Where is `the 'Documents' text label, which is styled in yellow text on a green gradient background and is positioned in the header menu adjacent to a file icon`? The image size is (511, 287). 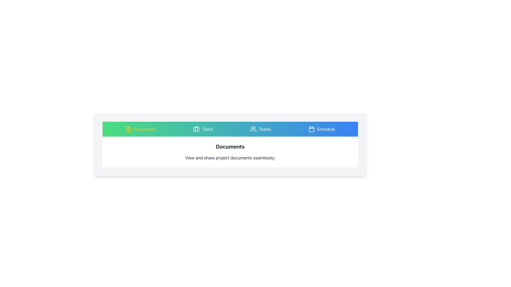
the 'Documents' text label, which is styled in yellow text on a green gradient background and is positioned in the header menu adjacent to a file icon is located at coordinates (145, 129).